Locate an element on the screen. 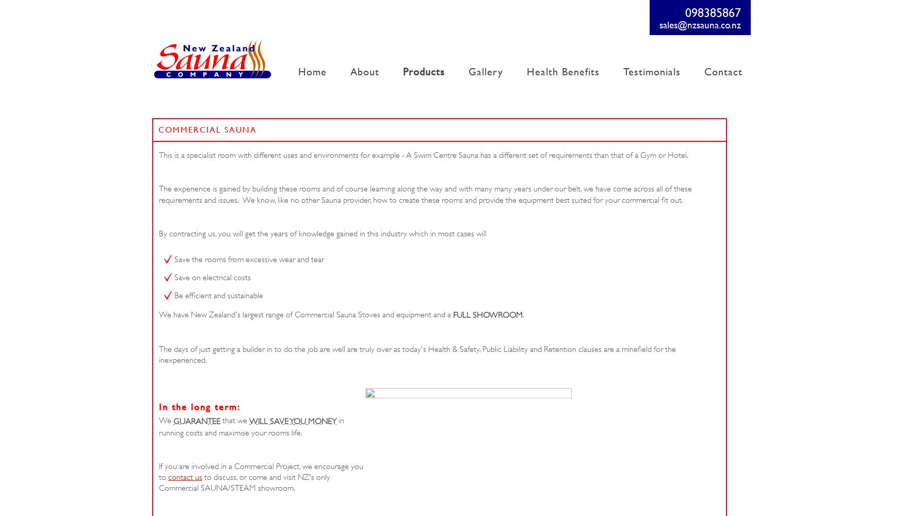 The height and width of the screenshot is (516, 903). 'contact us' is located at coordinates (168, 477).